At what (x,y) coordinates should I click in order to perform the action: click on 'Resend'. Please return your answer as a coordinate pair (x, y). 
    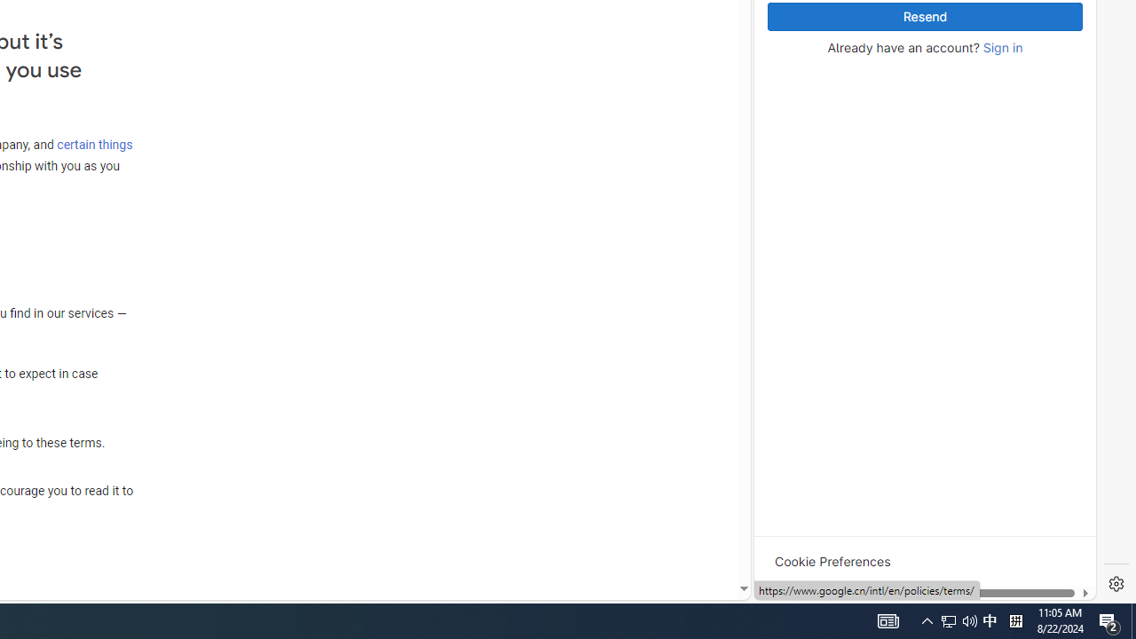
    Looking at the image, I should click on (924, 17).